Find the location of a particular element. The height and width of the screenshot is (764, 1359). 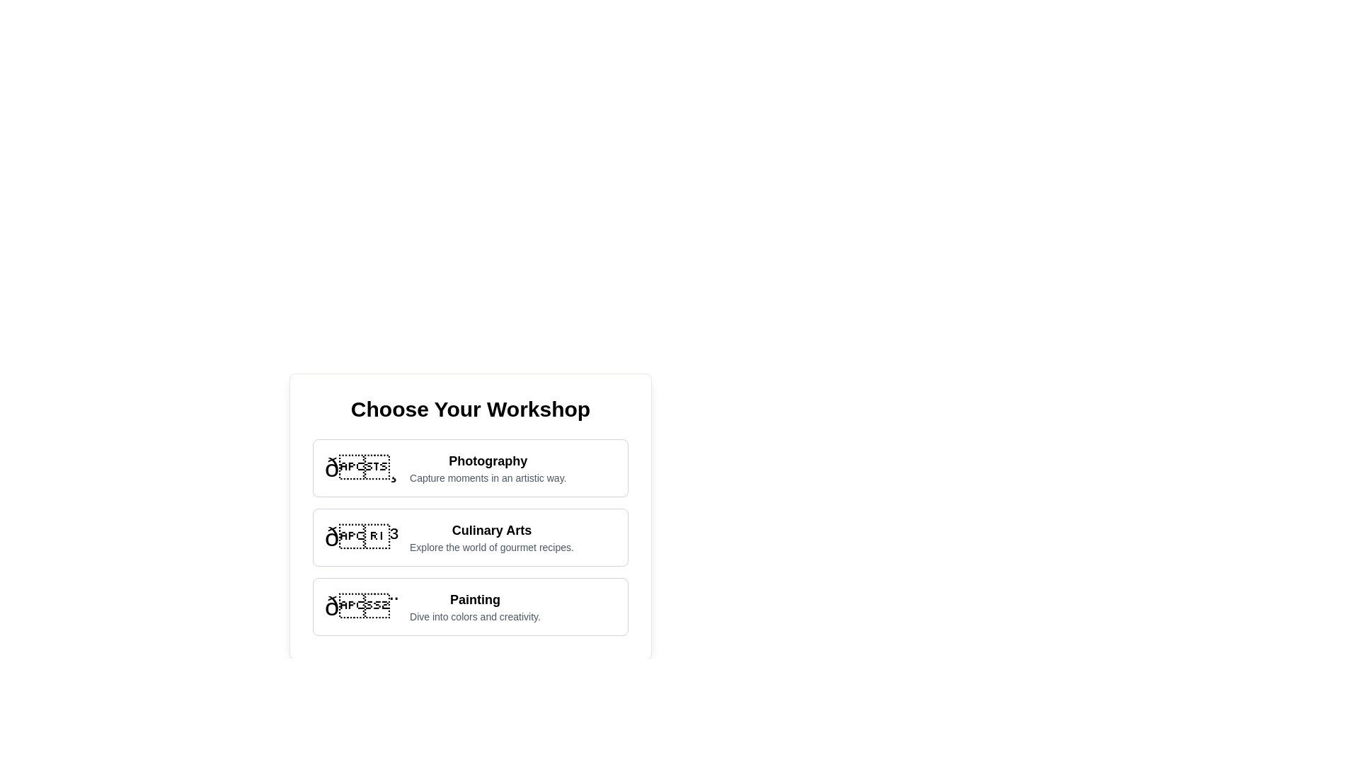

the static text element located below the 'Culinary Arts' option in the middle column of the vertically aligned menu is located at coordinates (492, 547).